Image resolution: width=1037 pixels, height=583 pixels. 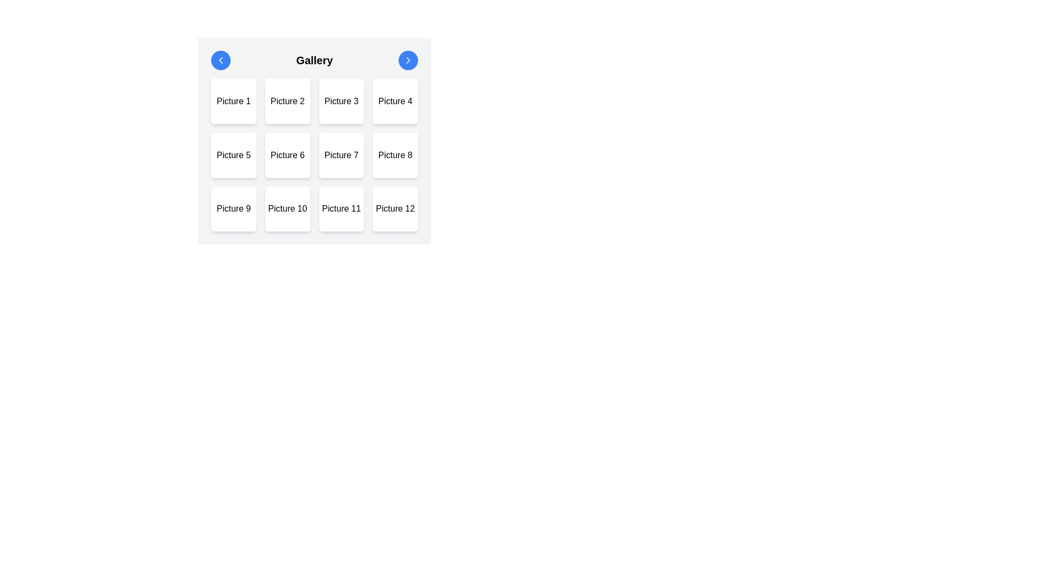 I want to click on the navigation button located in the top-right corner of the 'Gallery' header row, so click(x=407, y=60).